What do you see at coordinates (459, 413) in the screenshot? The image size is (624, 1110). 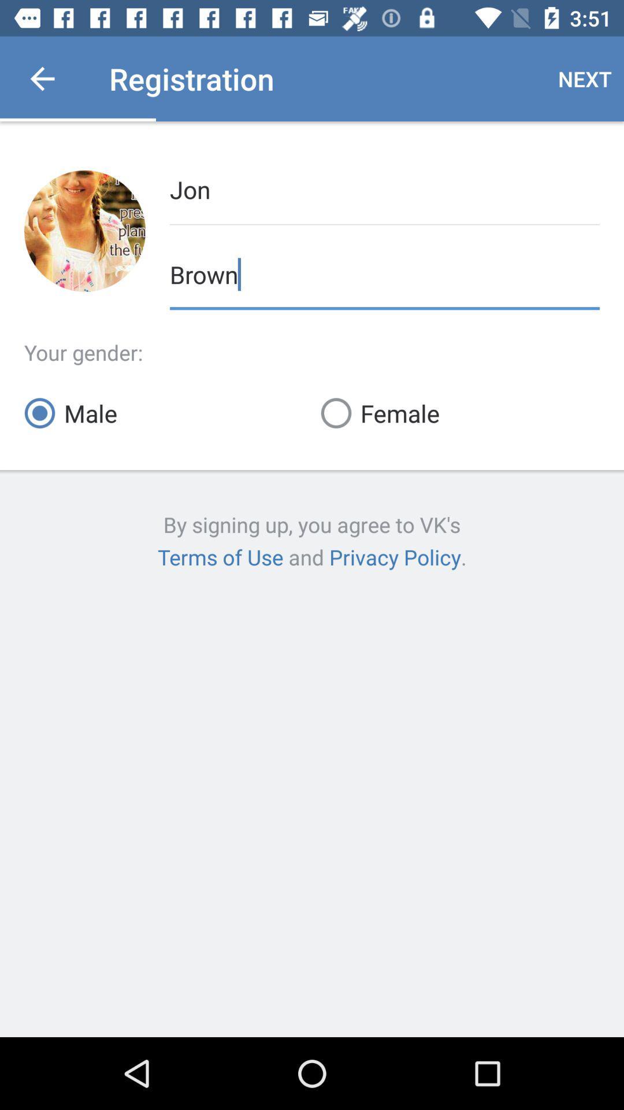 I see `item on the right` at bounding box center [459, 413].